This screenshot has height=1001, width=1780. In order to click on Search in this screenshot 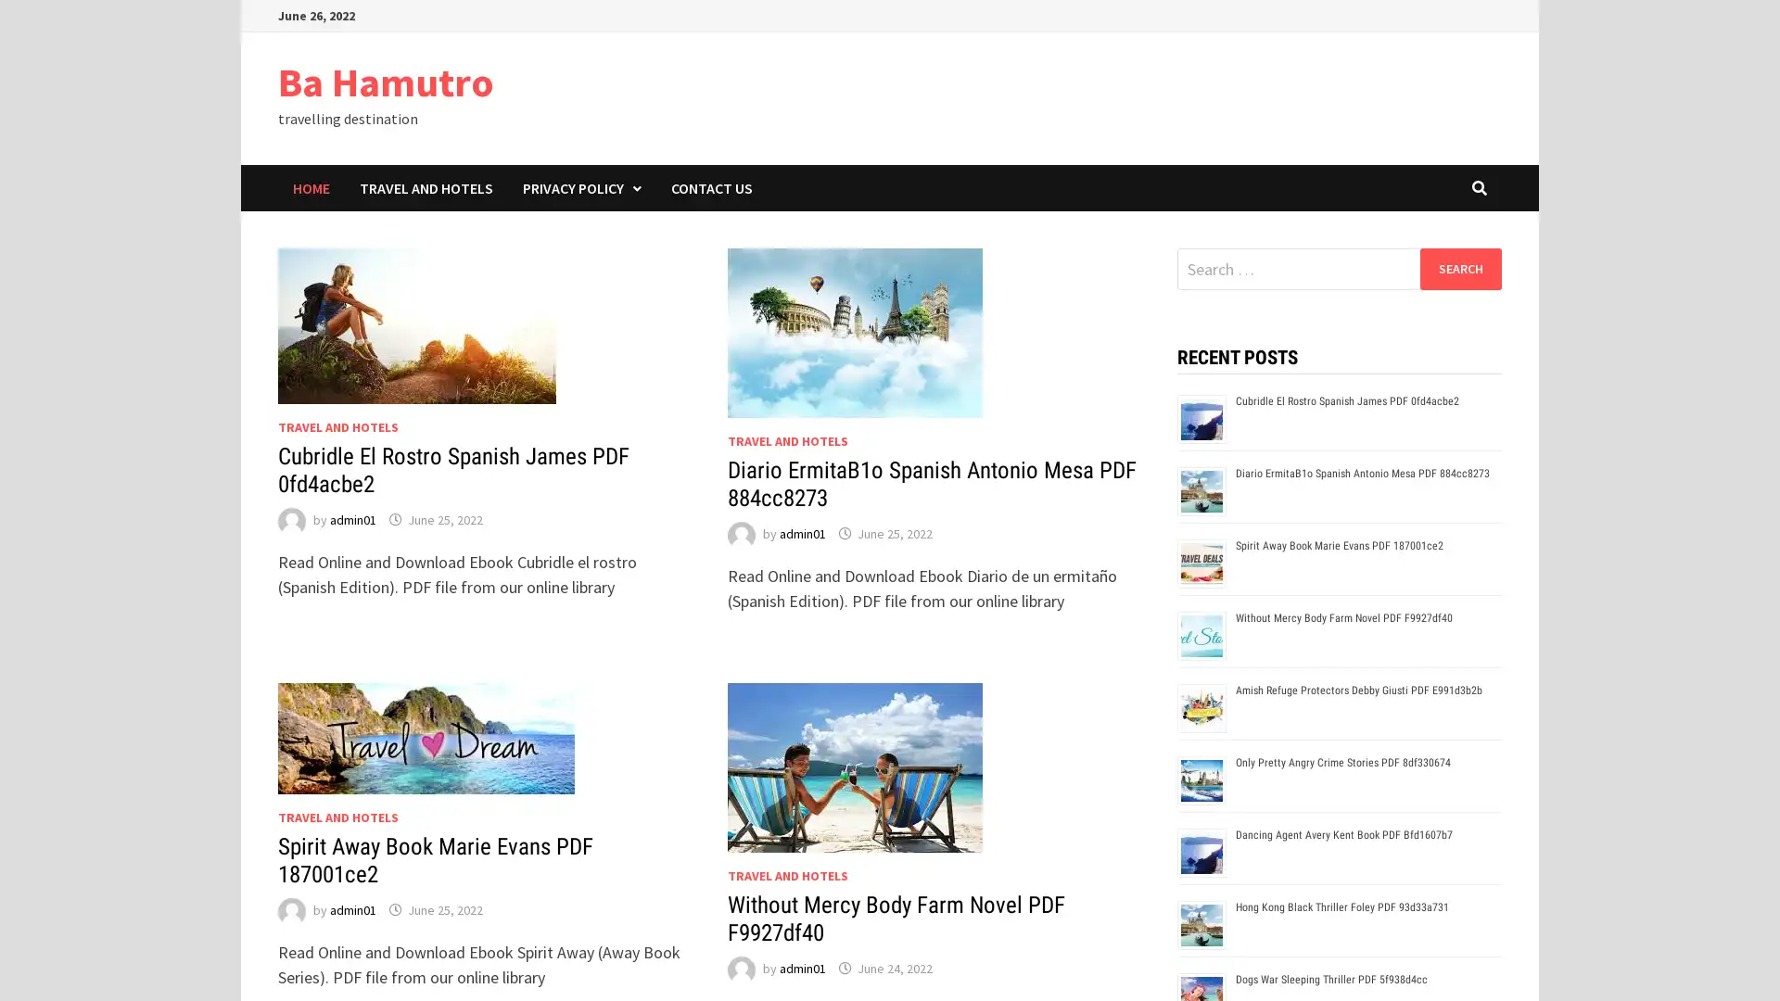, I will do `click(1459, 268)`.